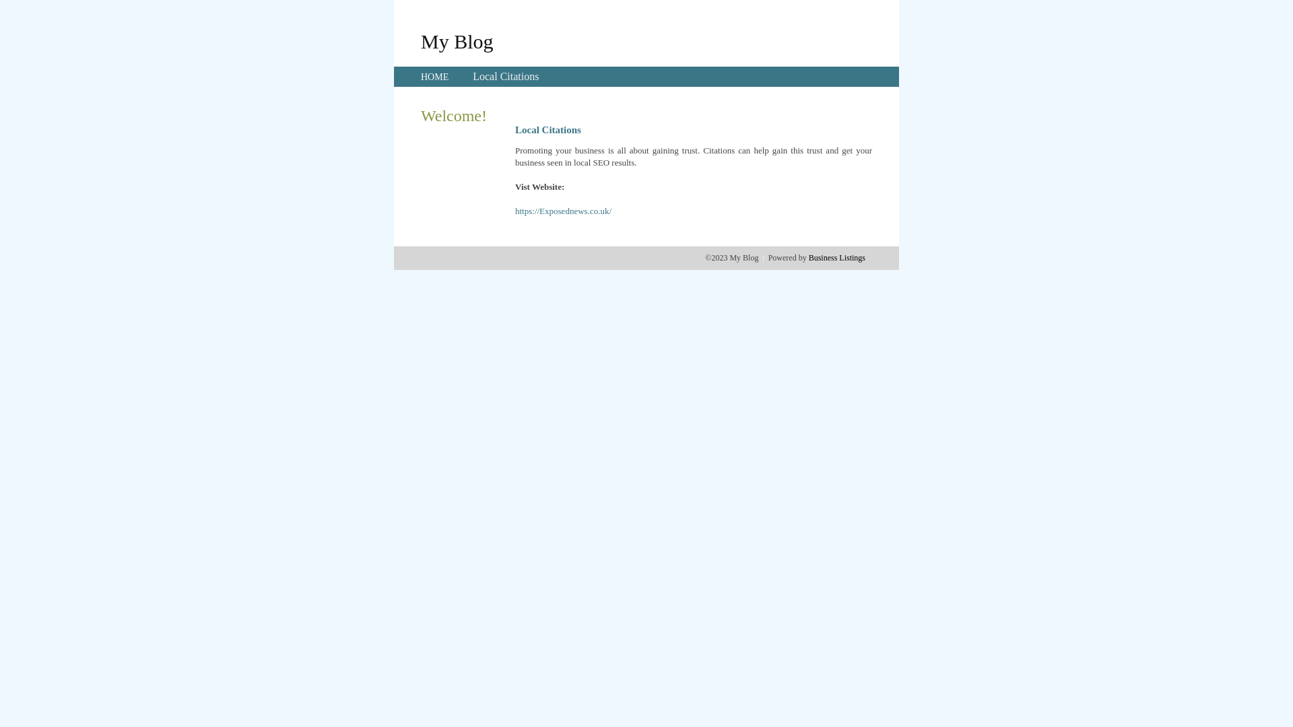  What do you see at coordinates (504, 76) in the screenshot?
I see `'Local Citations'` at bounding box center [504, 76].